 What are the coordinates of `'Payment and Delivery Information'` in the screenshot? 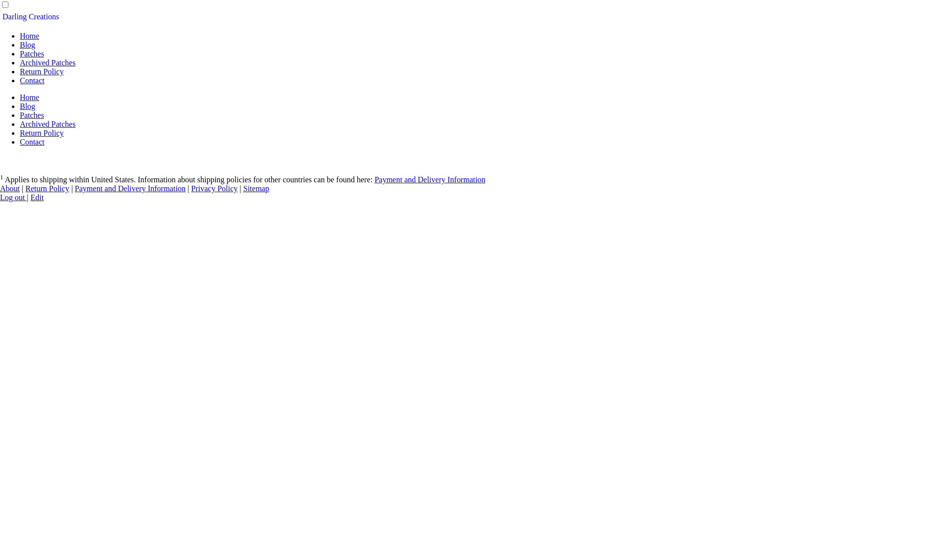 It's located at (74, 188).